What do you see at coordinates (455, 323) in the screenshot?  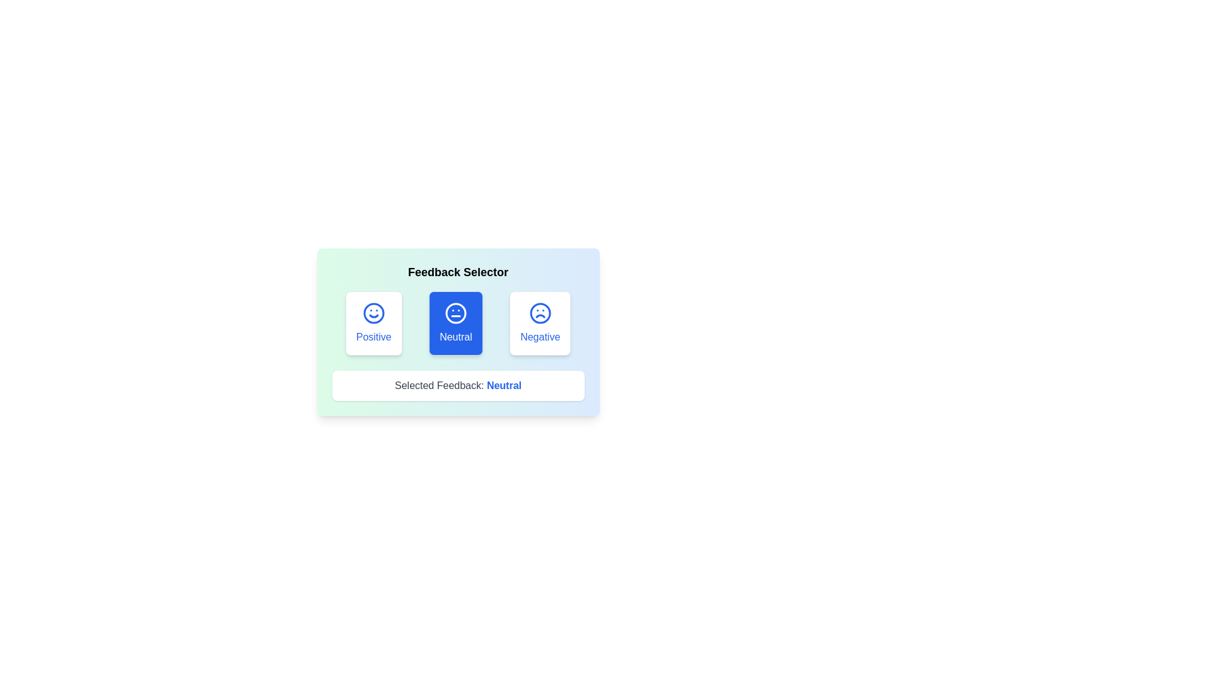 I see `the button labeled Neutral to observe its hover effect` at bounding box center [455, 323].